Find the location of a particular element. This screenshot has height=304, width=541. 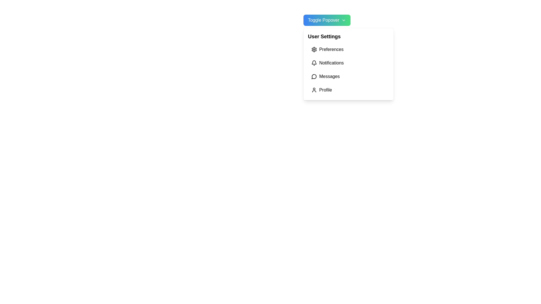

the 'Toggle Popover' button with a gradient background transitioning from blue to green, located at the top-right section of the interface is located at coordinates (327, 20).